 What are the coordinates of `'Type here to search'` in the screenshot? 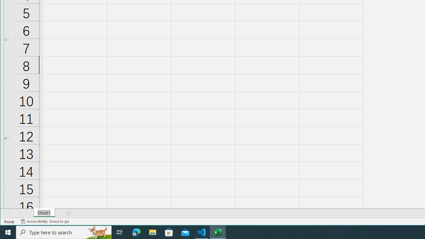 It's located at (64, 232).